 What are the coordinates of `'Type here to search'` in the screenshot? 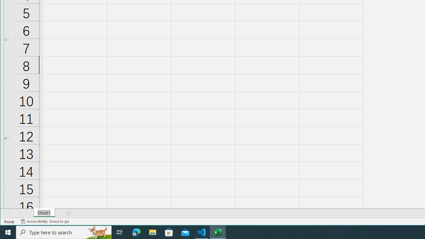 It's located at (64, 232).